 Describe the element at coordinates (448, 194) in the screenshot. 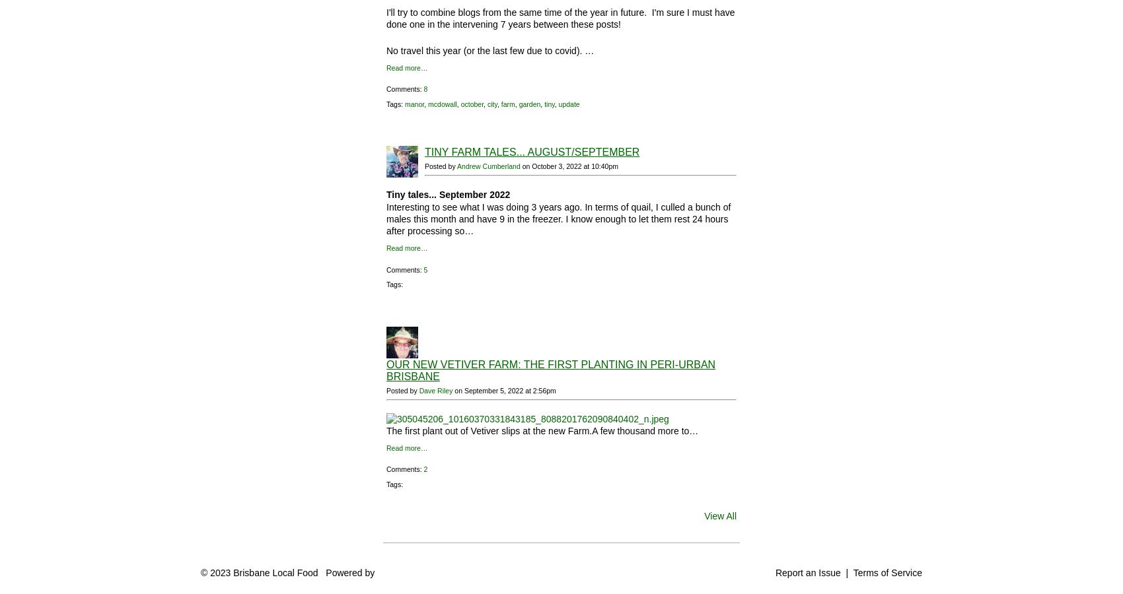

I see `'Tiny tales... September 2022'` at that location.